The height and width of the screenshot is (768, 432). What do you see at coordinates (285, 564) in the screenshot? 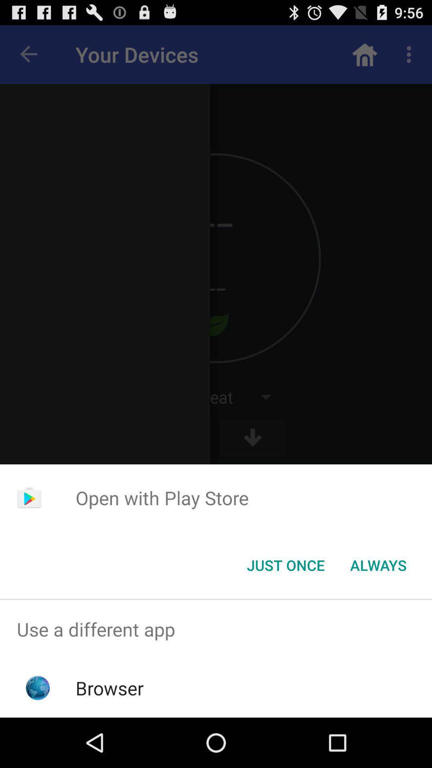
I see `button next to the always icon` at bounding box center [285, 564].